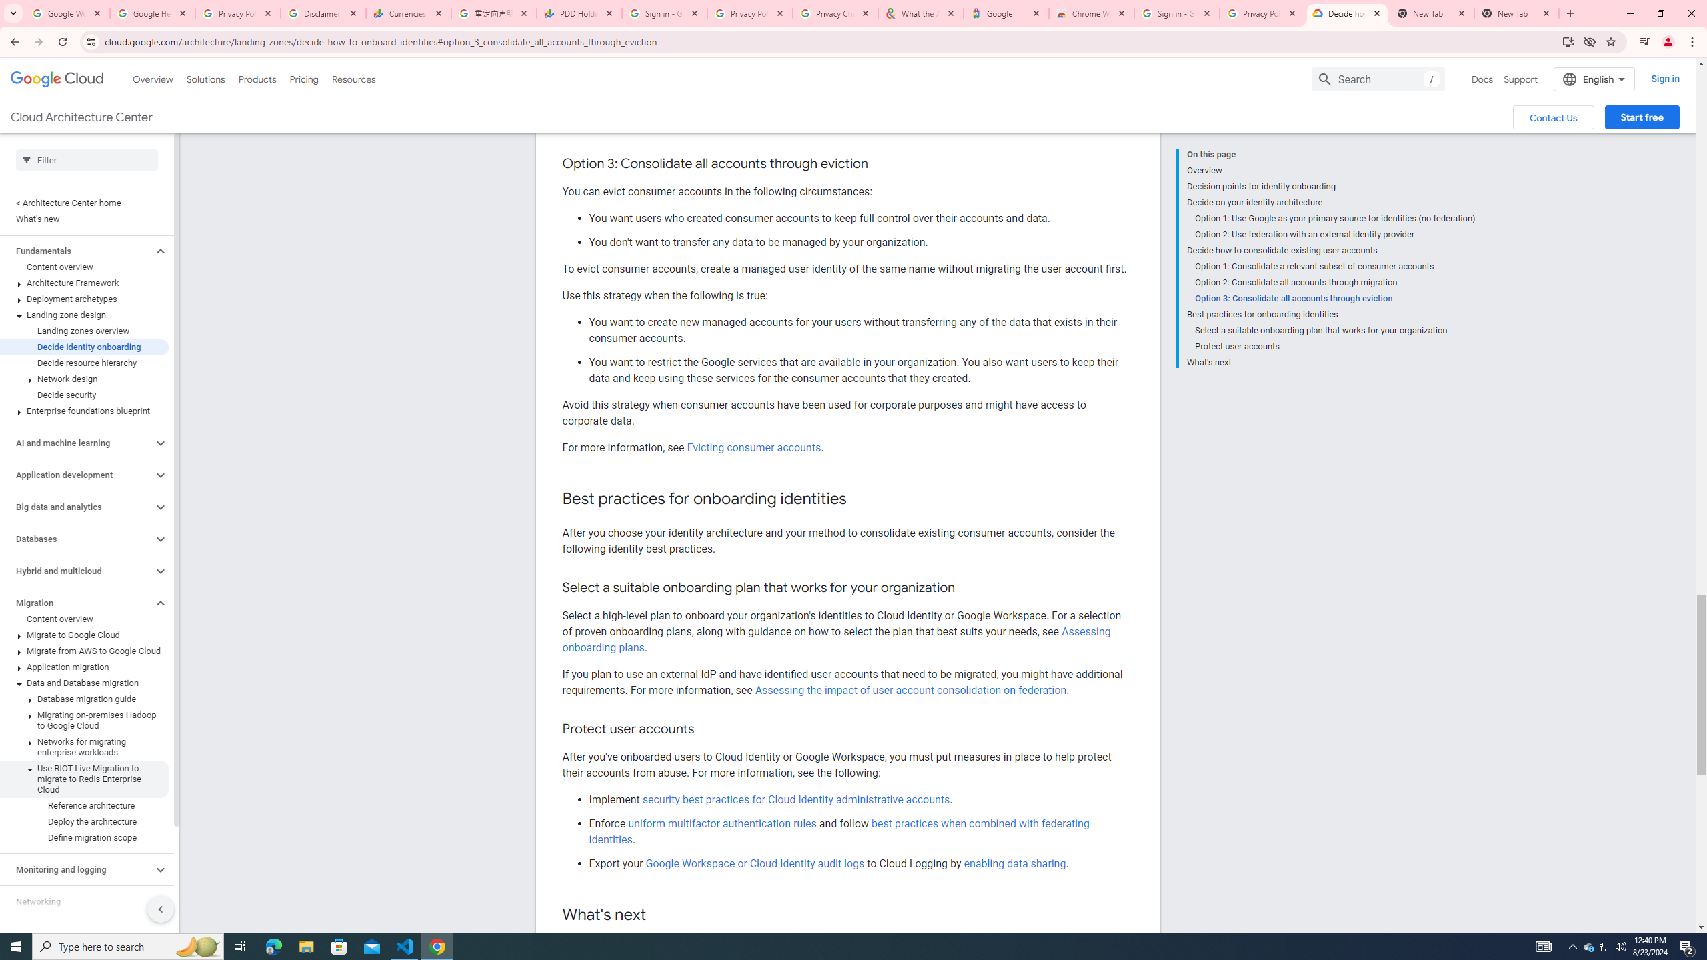  Describe the element at coordinates (1330, 201) in the screenshot. I see `'Decide on your identity architecture'` at that location.